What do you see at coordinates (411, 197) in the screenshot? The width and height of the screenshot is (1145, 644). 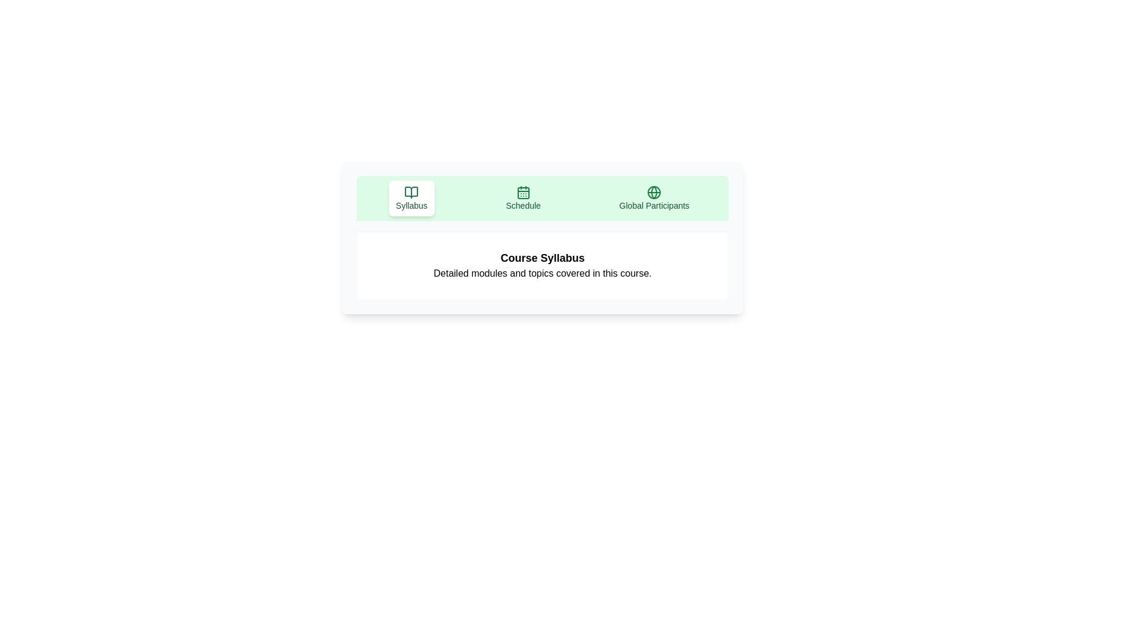 I see `the Syllabus tab to view its content` at bounding box center [411, 197].